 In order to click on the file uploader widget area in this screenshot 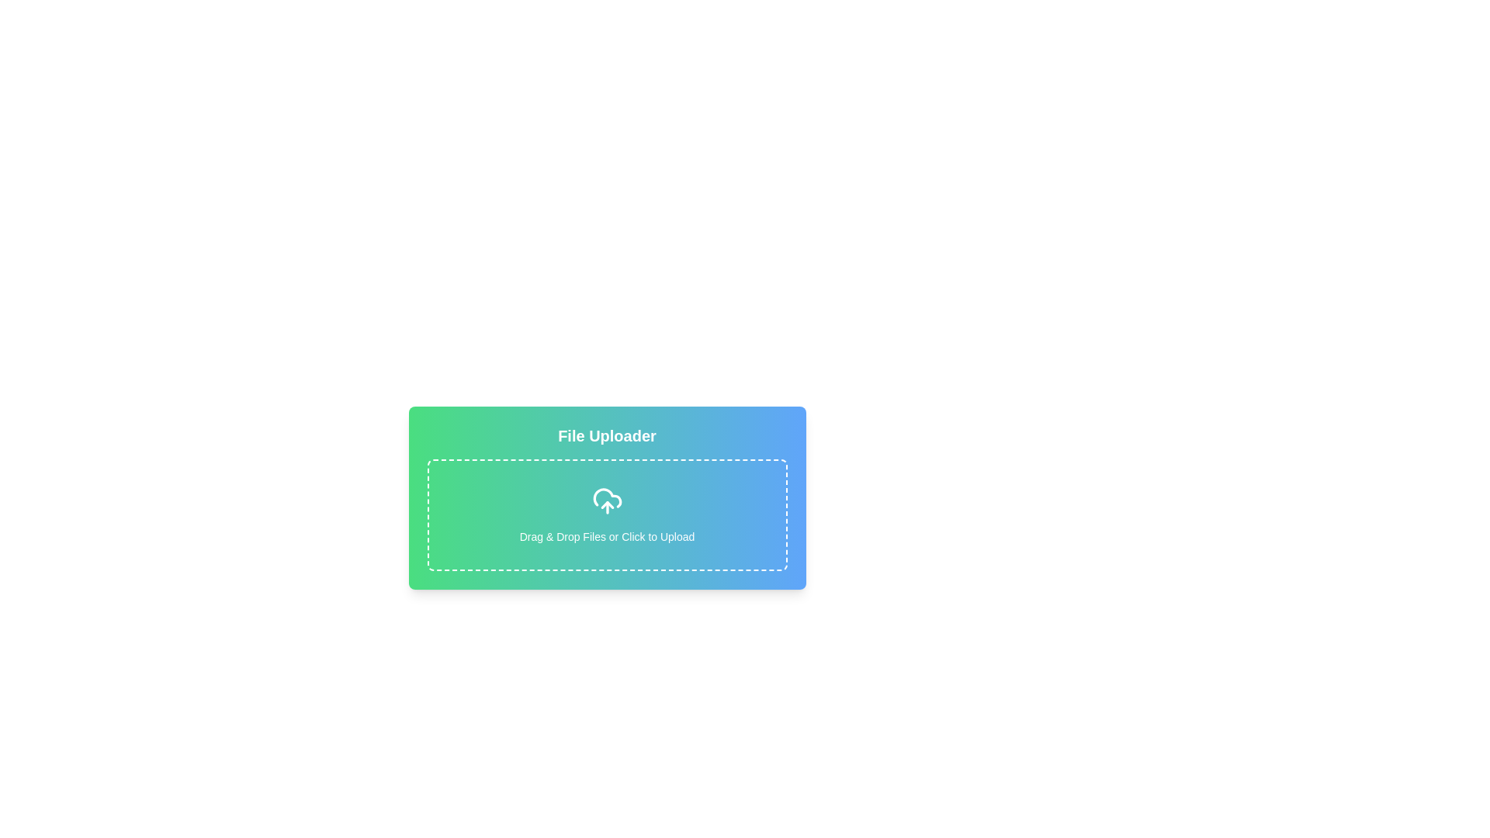, I will do `click(606, 563)`.